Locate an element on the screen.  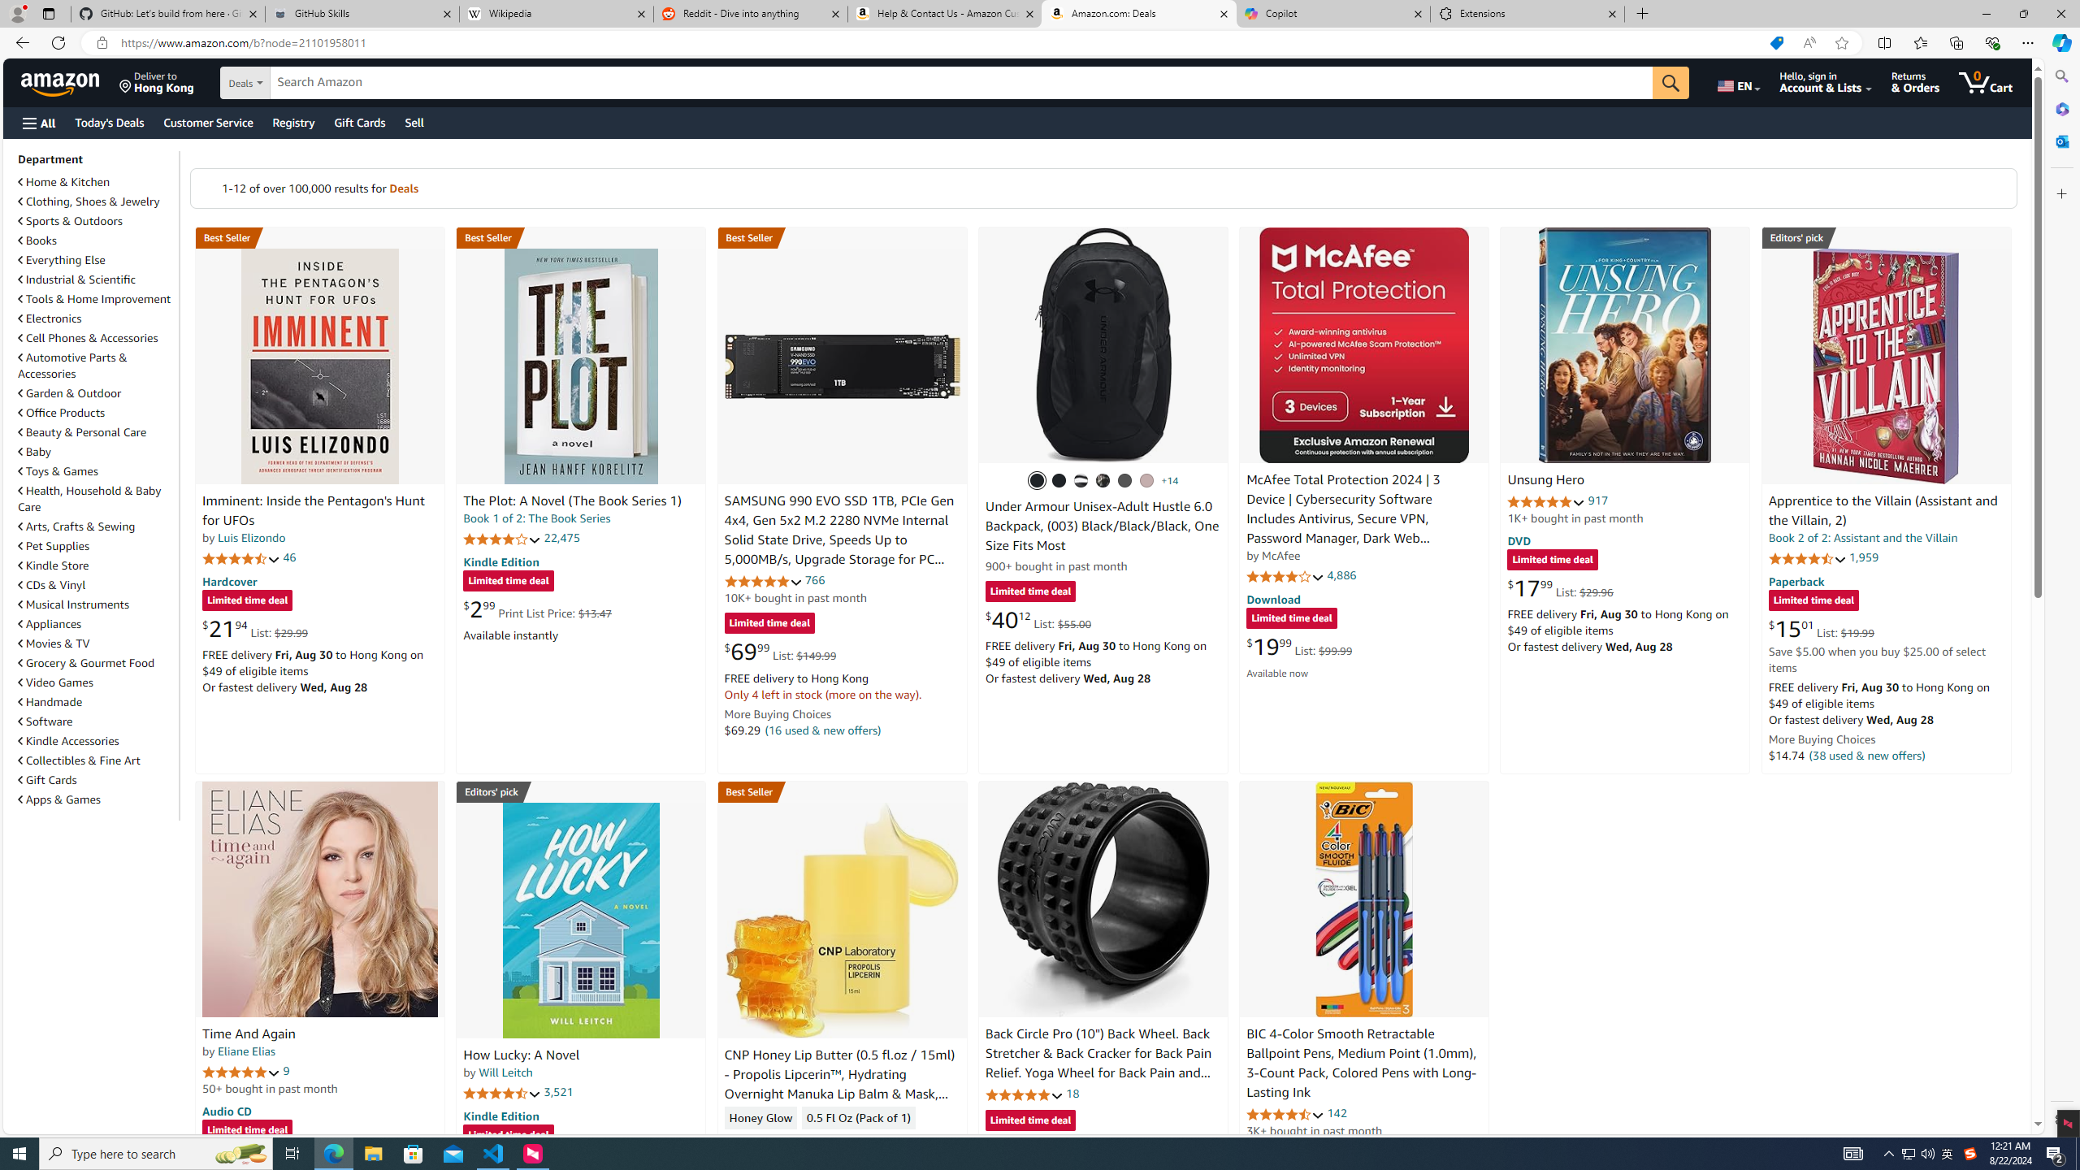
'Movies & TV' is located at coordinates (53, 643).